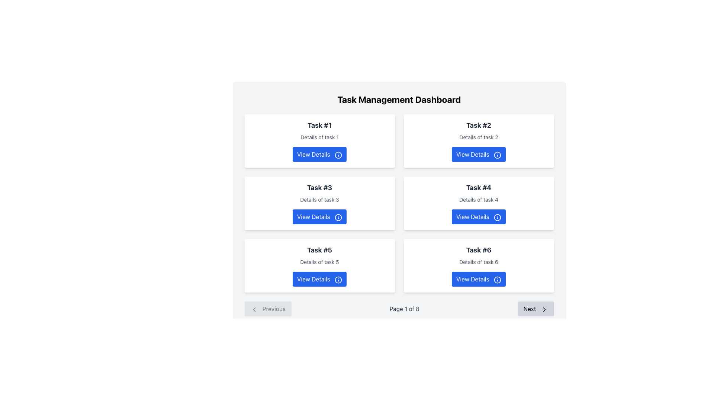  I want to click on text content of the centered text header element displaying 'Task Management Dashboard', which is prominently styled in bold and located at the top of the dashboard interface, so click(399, 99).